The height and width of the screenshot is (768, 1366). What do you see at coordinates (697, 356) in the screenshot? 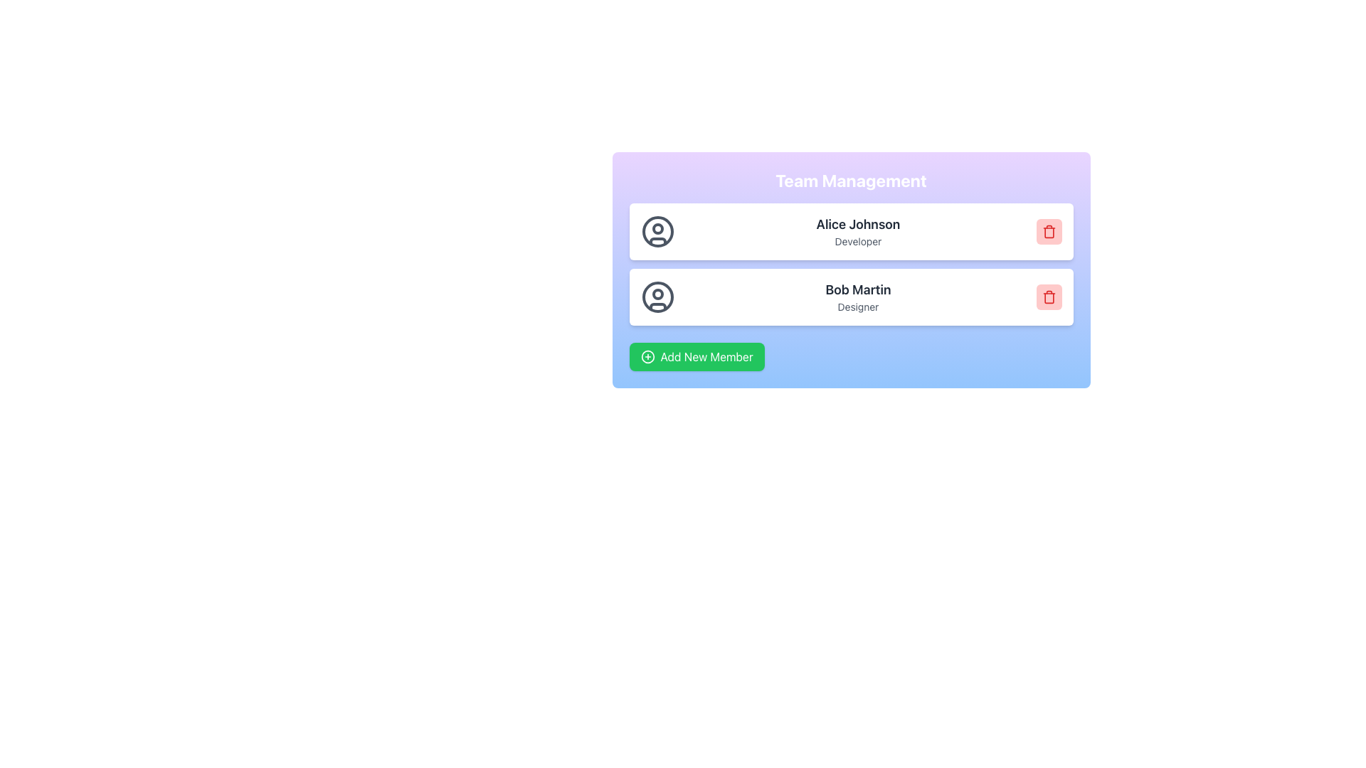
I see `the green button labeled 'Add New Member'` at bounding box center [697, 356].